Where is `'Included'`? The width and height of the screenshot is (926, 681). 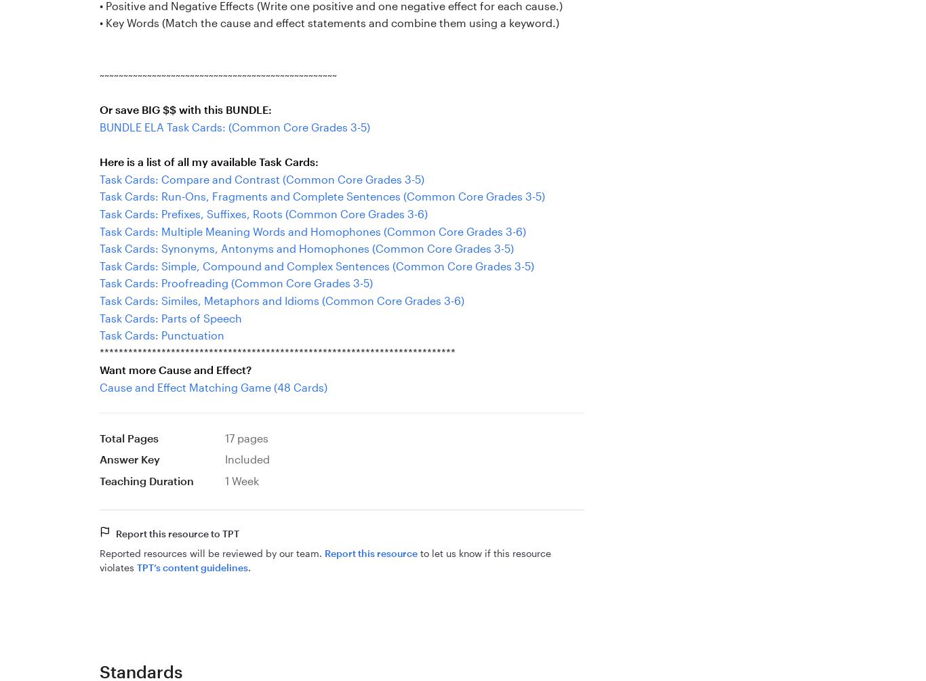
'Included' is located at coordinates (246, 459).